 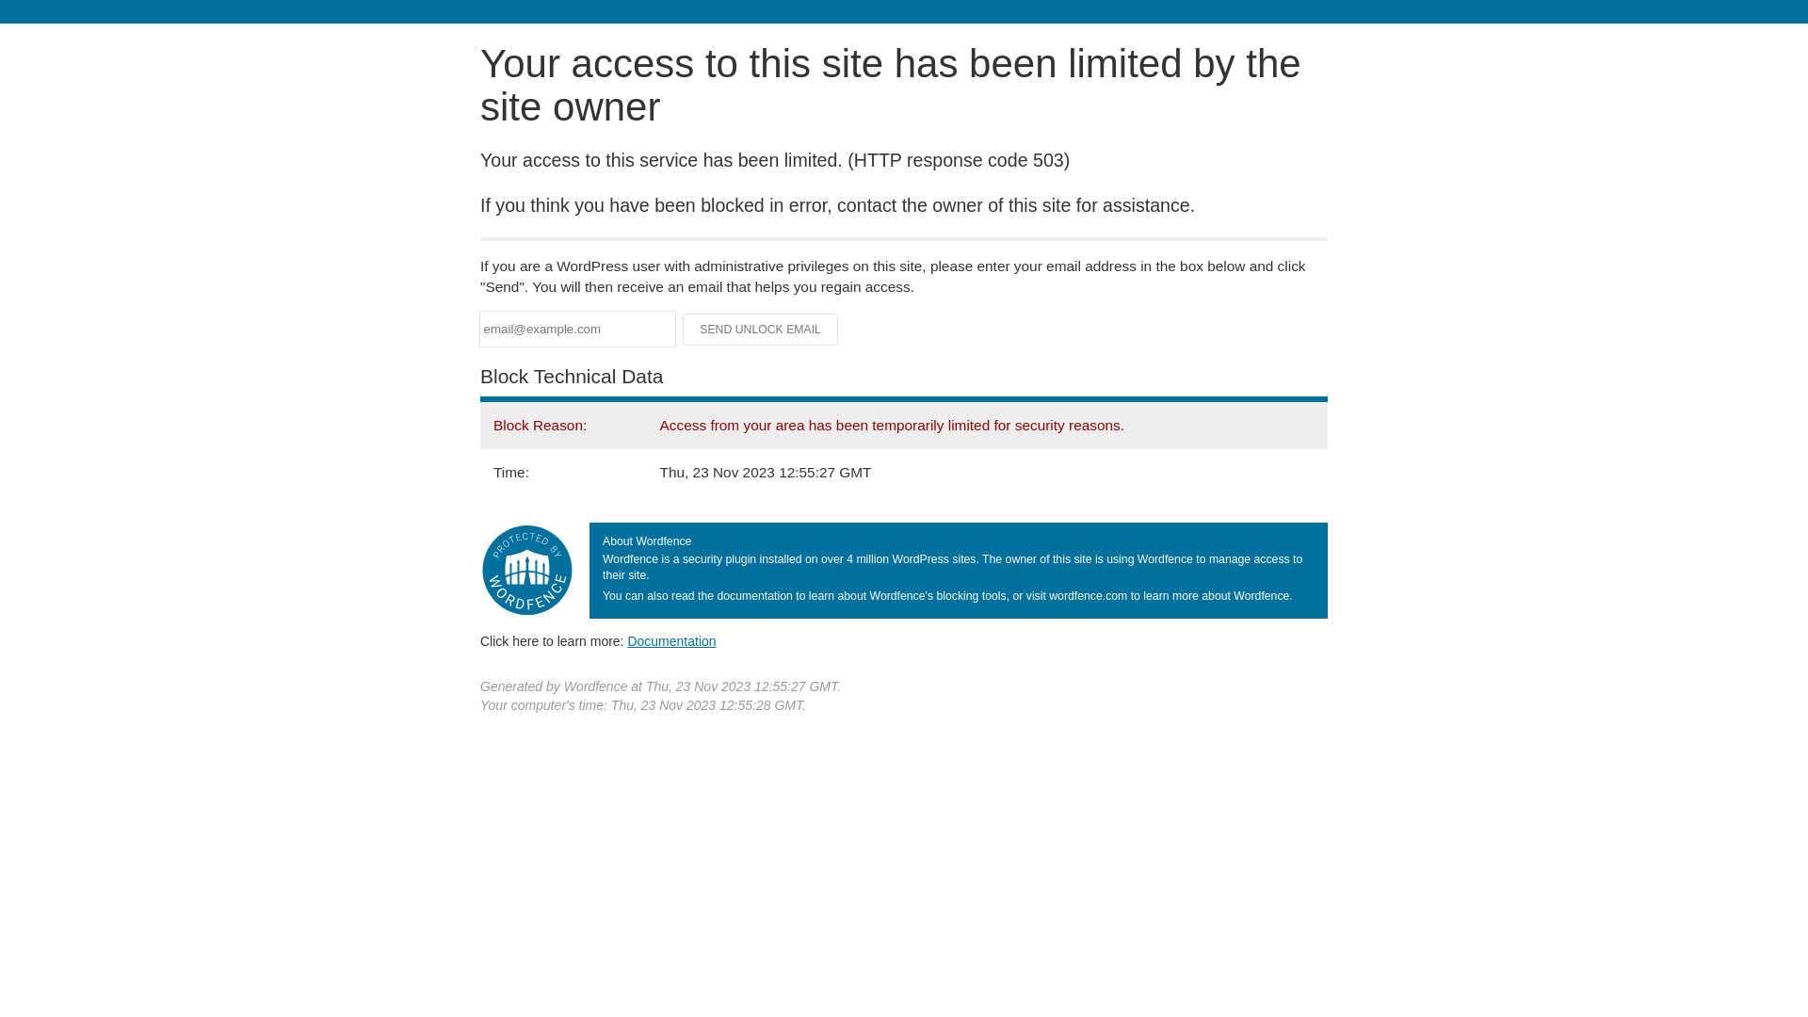 What do you see at coordinates (681, 329) in the screenshot?
I see `'Send Unlock Email'` at bounding box center [681, 329].